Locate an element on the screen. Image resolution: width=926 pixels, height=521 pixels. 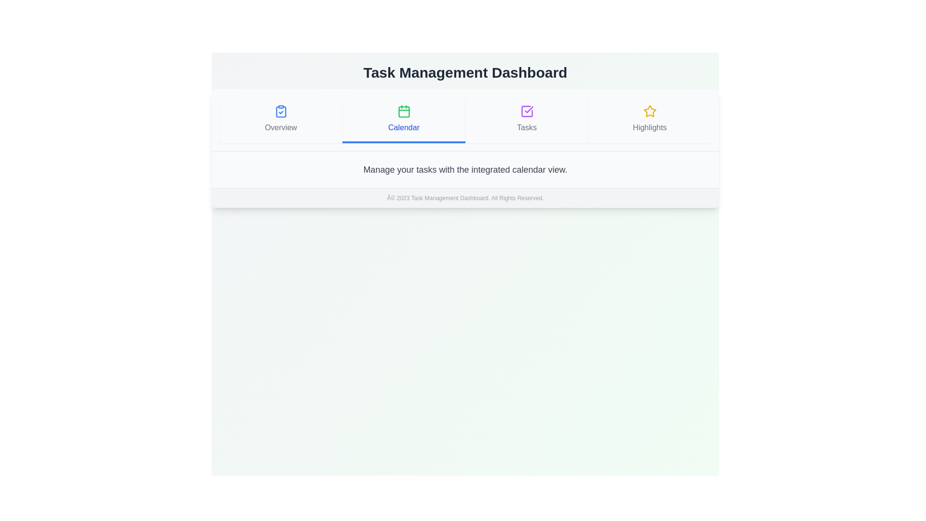
copyright information text located in the footer of the Task Management Dashboard application, positioned below the task management text is located at coordinates (465, 197).